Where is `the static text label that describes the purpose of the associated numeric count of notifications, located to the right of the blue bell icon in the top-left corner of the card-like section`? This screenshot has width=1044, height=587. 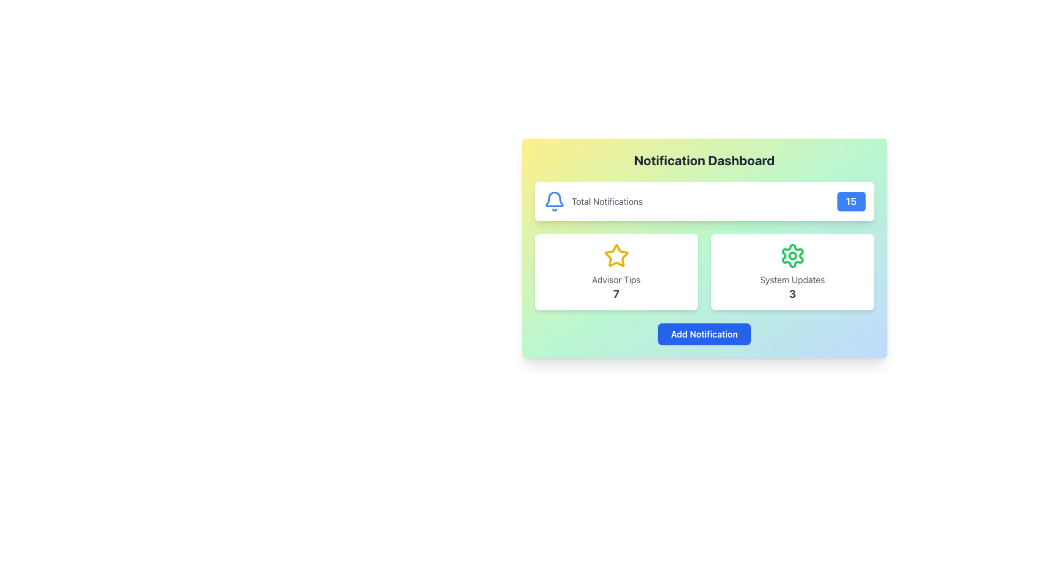 the static text label that describes the purpose of the associated numeric count of notifications, located to the right of the blue bell icon in the top-left corner of the card-like section is located at coordinates (606, 201).